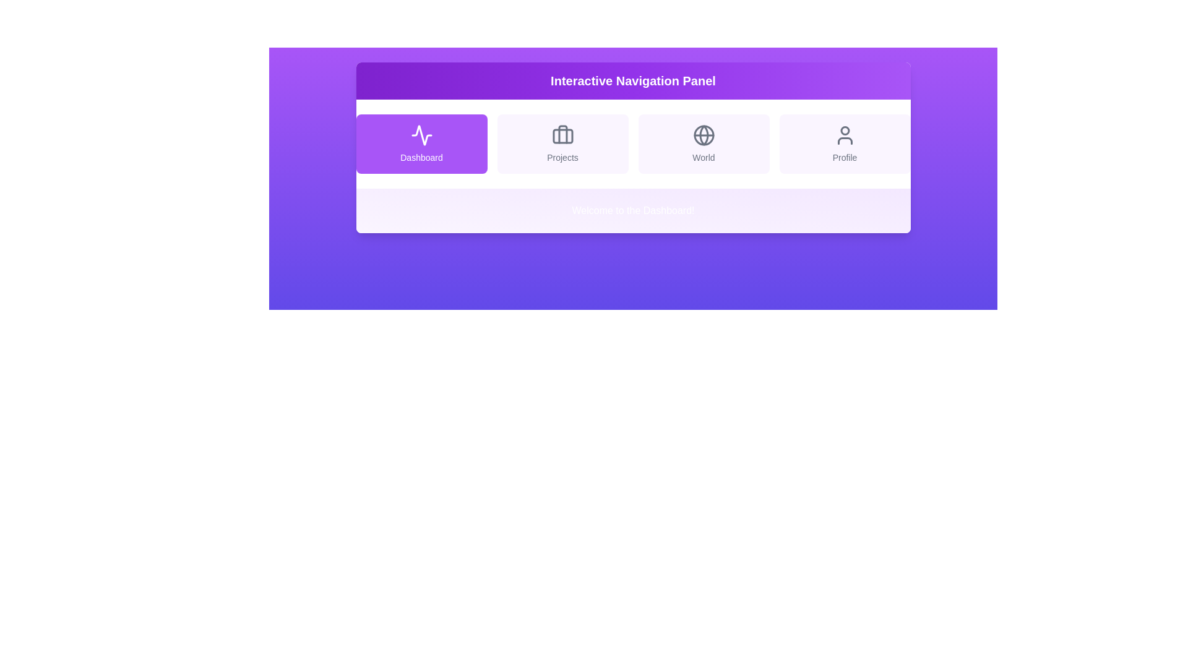 This screenshot has width=1188, height=668. I want to click on the circular shape representing the head of the user icon located in the fourth option of the navigation panel labeled 'Profile', so click(844, 131).